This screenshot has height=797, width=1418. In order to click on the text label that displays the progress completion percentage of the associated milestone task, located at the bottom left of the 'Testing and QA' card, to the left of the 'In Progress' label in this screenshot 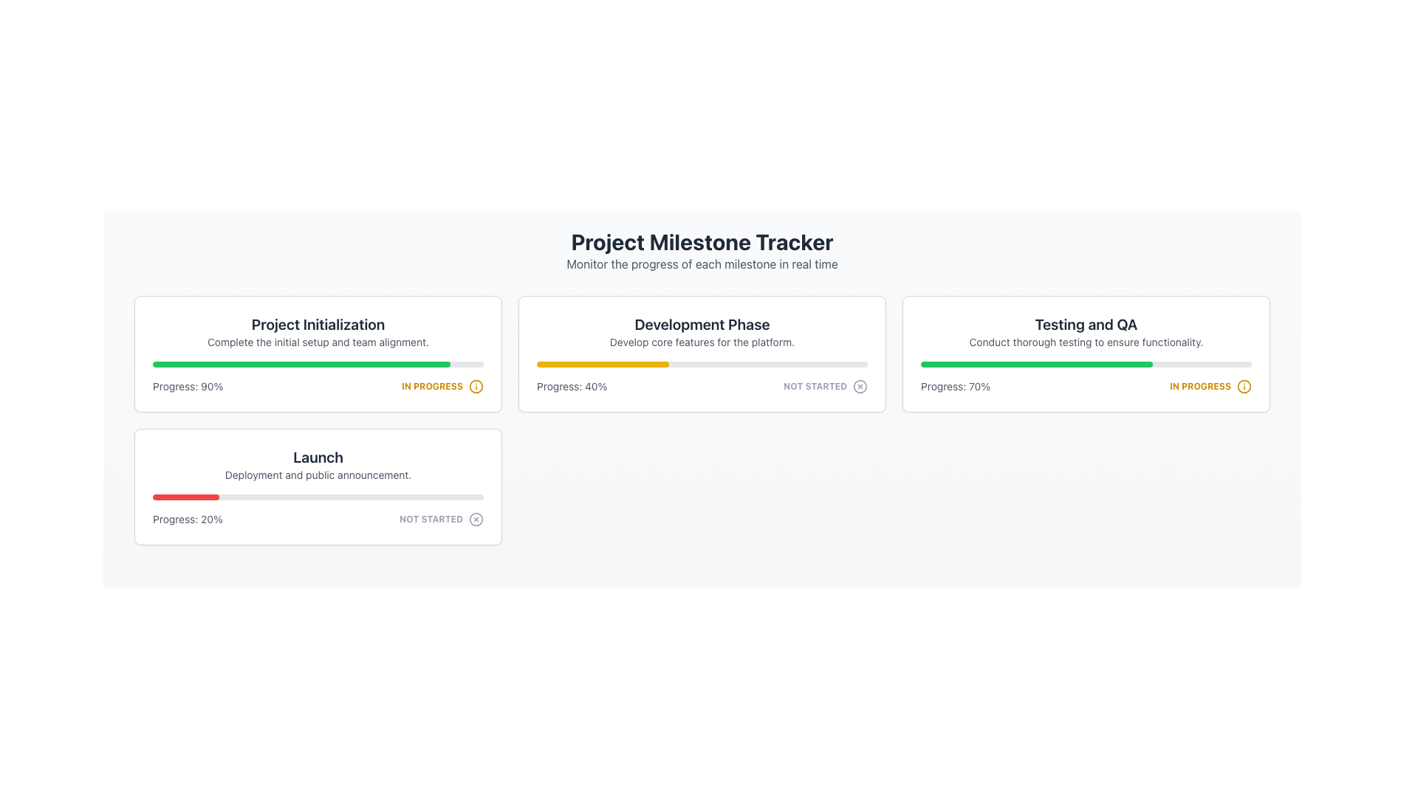, I will do `click(956, 386)`.